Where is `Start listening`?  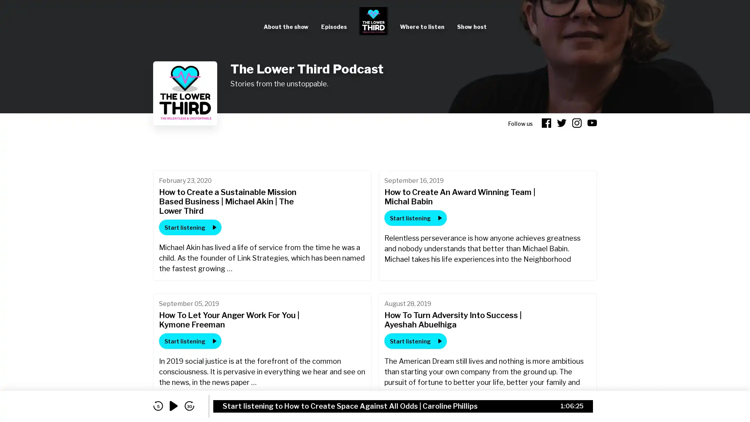
Start listening is located at coordinates (415, 340).